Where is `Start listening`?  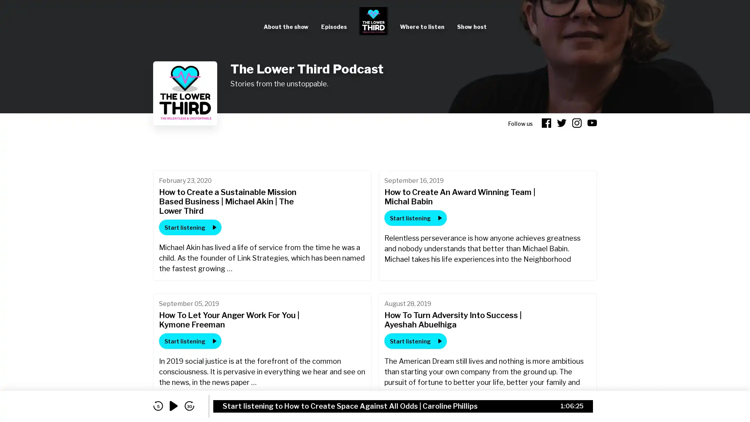
Start listening is located at coordinates (415, 340).